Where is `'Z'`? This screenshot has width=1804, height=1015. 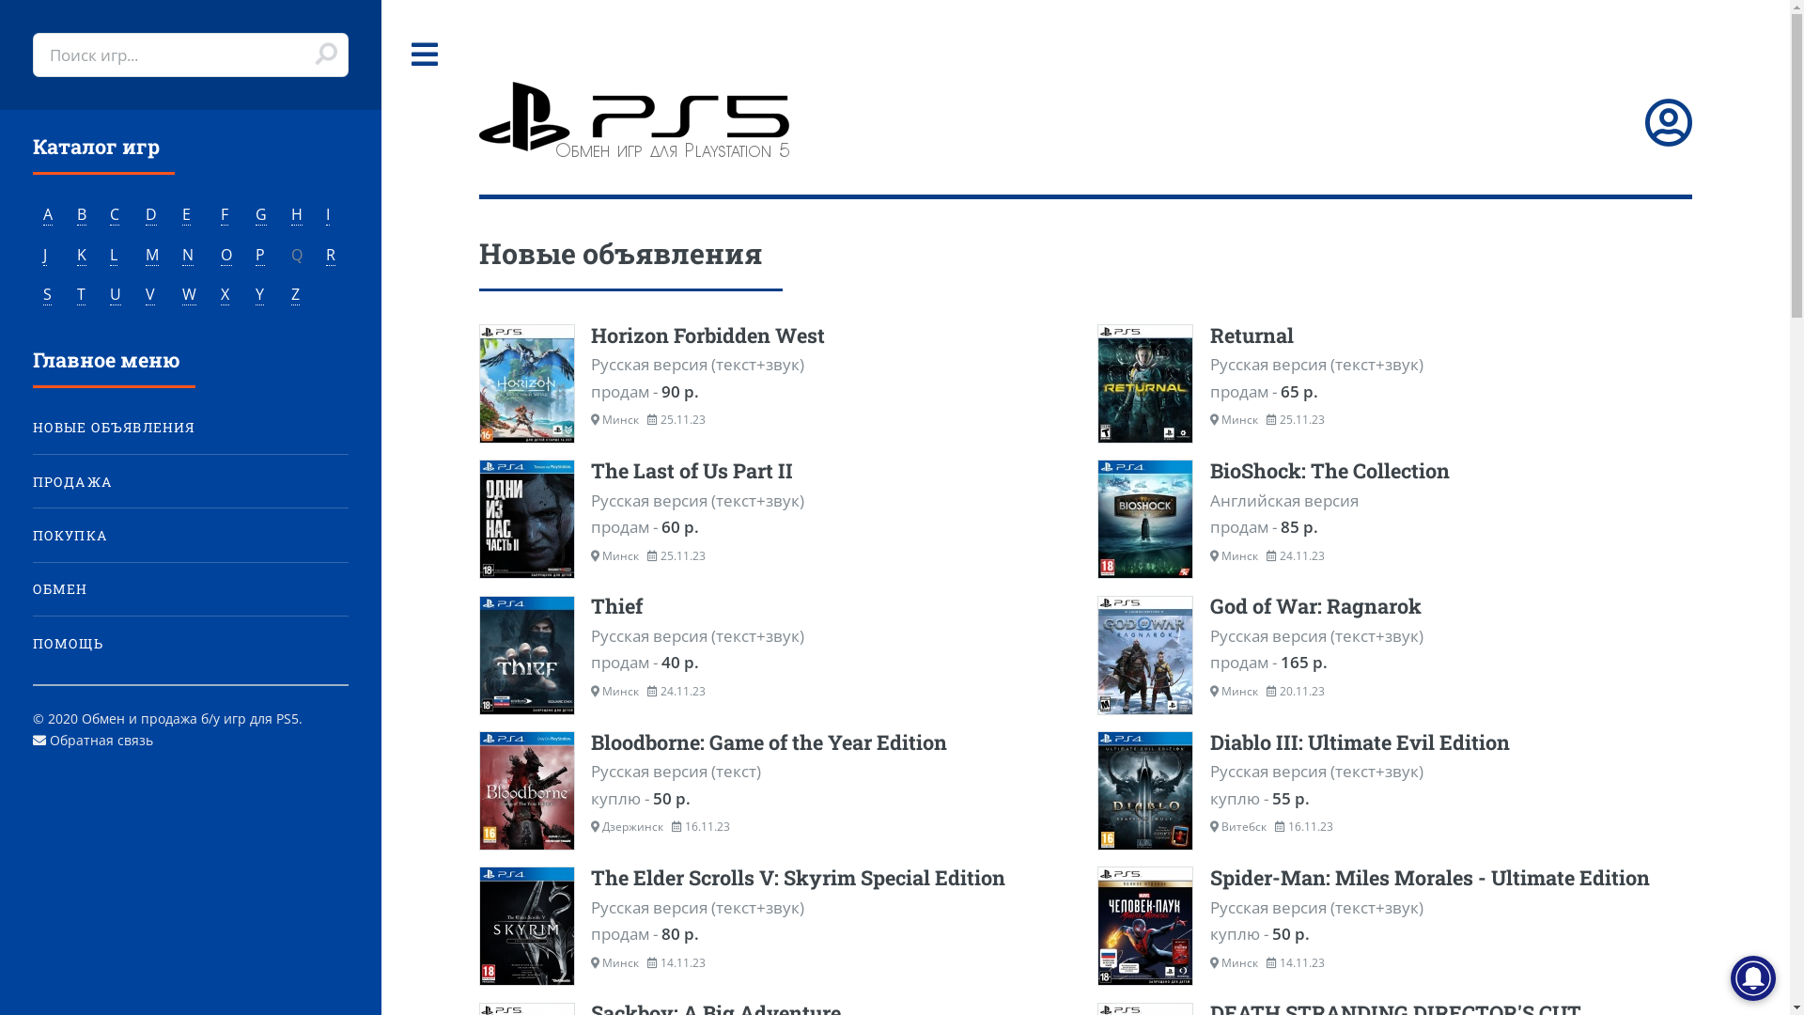
'Z' is located at coordinates (294, 294).